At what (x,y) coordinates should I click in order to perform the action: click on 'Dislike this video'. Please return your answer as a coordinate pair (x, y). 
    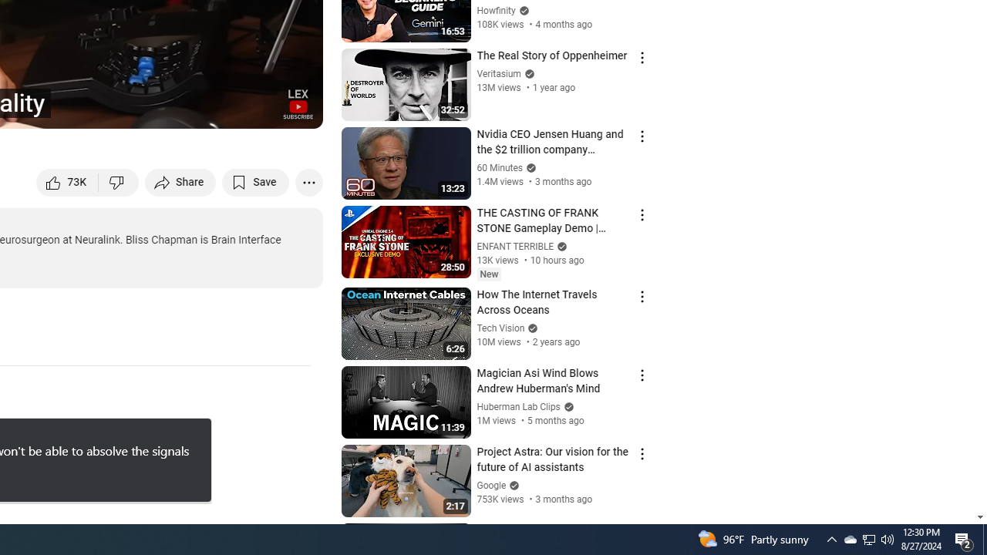
    Looking at the image, I should click on (118, 181).